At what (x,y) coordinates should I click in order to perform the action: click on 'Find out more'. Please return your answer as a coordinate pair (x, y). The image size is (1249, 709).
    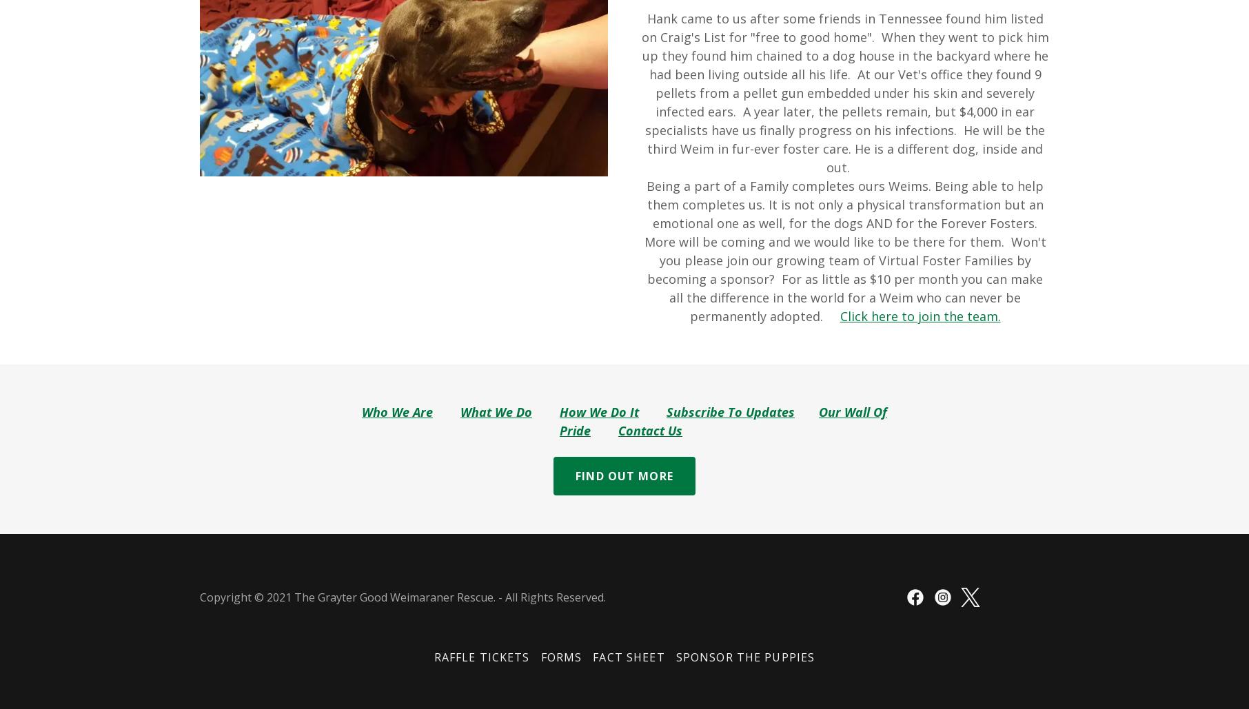
    Looking at the image, I should click on (623, 475).